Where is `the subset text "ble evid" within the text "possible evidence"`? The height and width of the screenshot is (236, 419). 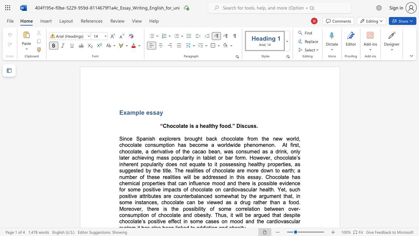 the subset text "ble evid" within the text "possible evidence" is located at coordinates (270, 183).